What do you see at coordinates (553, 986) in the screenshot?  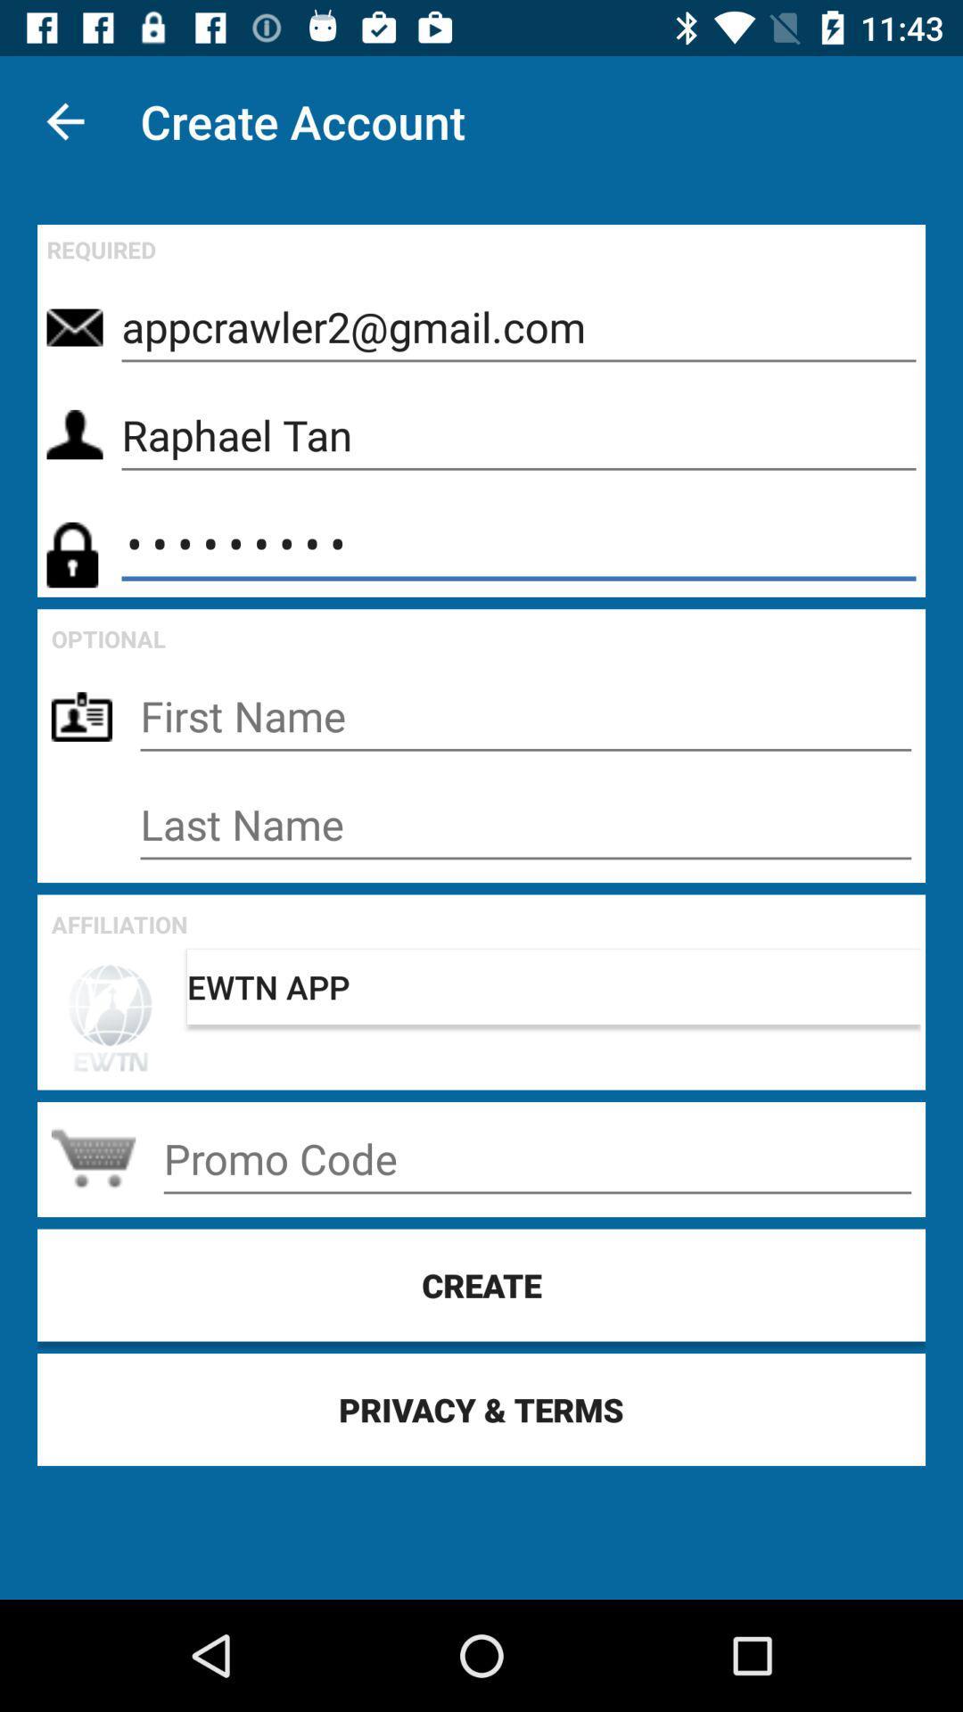 I see `icon next to the affiliation item` at bounding box center [553, 986].